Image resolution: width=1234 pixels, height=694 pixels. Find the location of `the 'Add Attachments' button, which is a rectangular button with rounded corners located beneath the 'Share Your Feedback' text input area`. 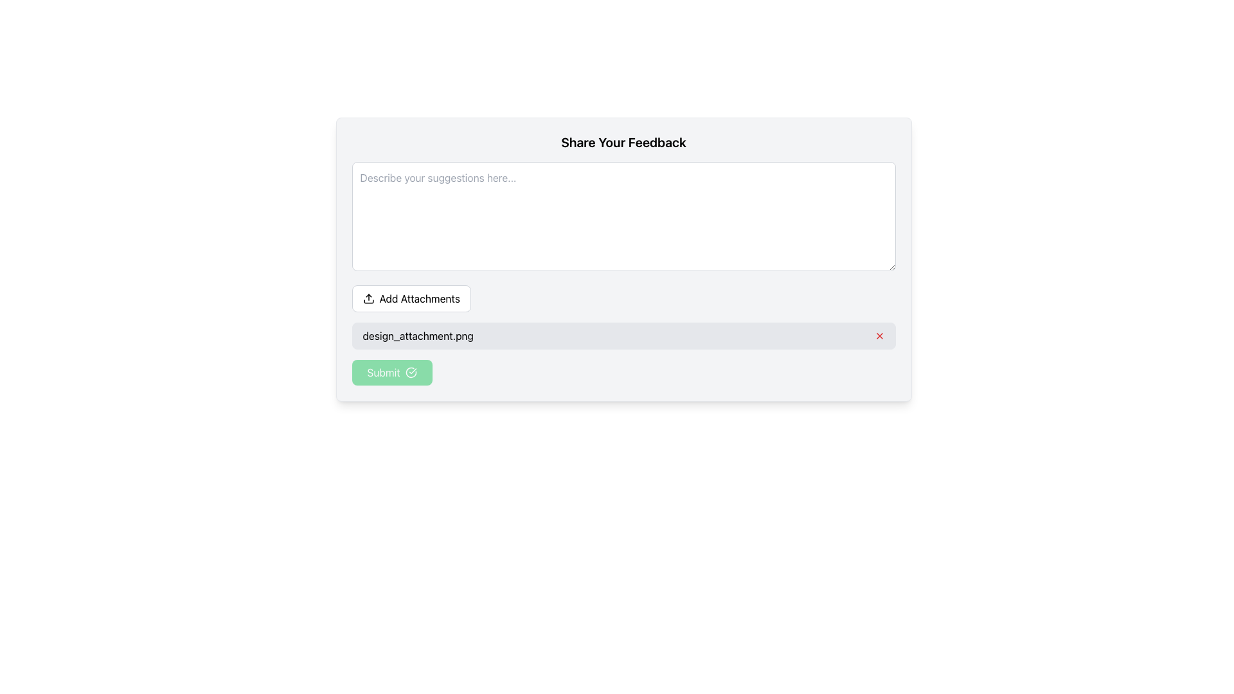

the 'Add Attachments' button, which is a rectangular button with rounded corners located beneath the 'Share Your Feedback' text input area is located at coordinates (411, 299).